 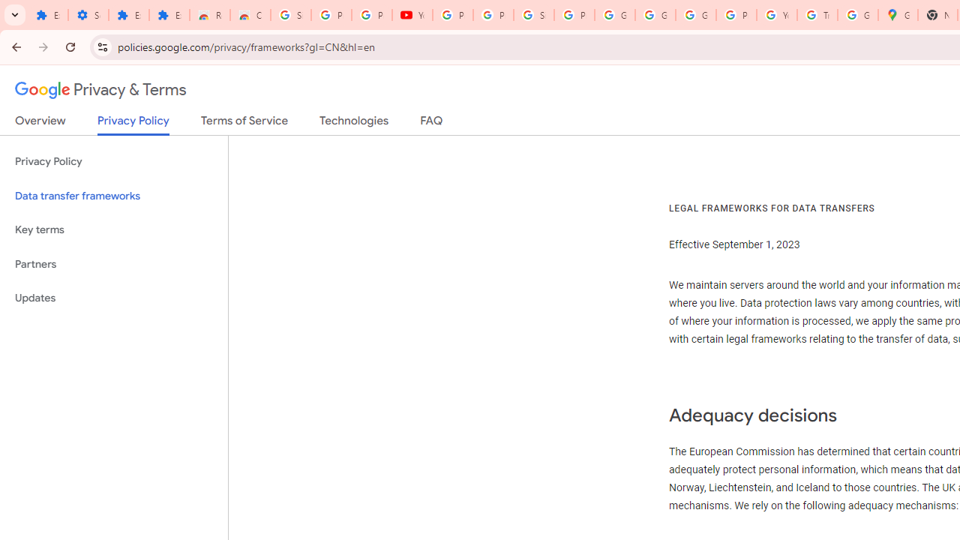 I want to click on 'Google Maps', so click(x=898, y=15).